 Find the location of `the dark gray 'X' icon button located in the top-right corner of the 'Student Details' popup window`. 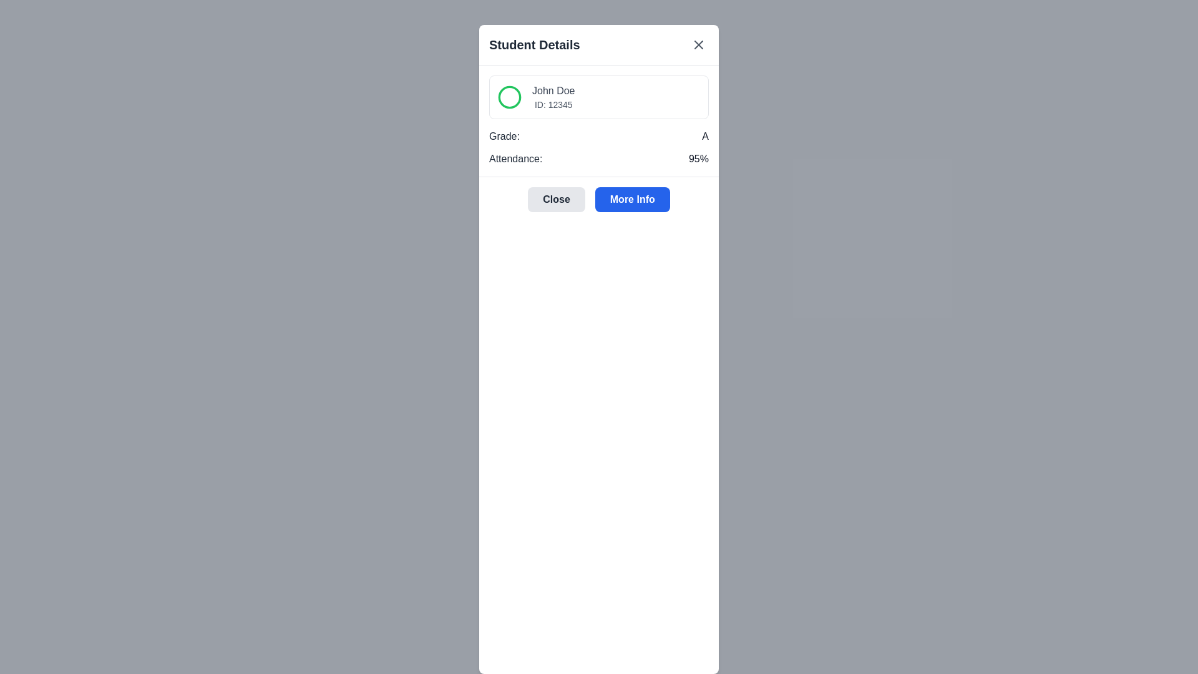

the dark gray 'X' icon button located in the top-right corner of the 'Student Details' popup window is located at coordinates (698, 44).